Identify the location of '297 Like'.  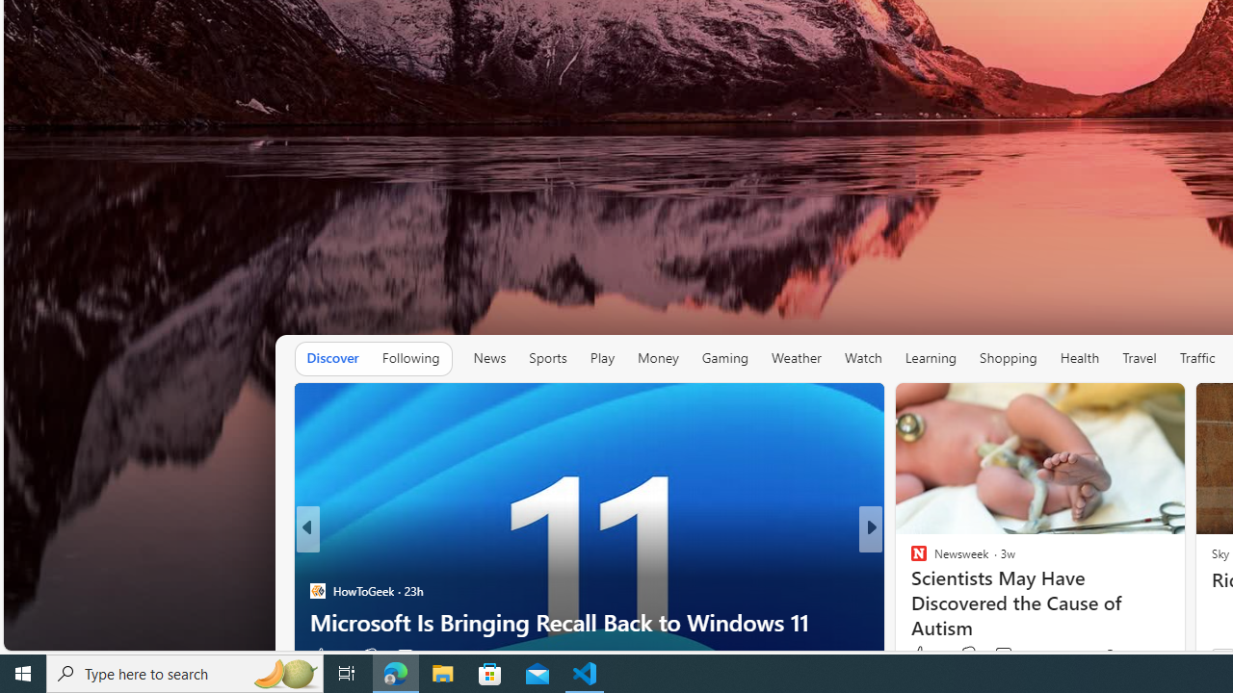
(923, 654).